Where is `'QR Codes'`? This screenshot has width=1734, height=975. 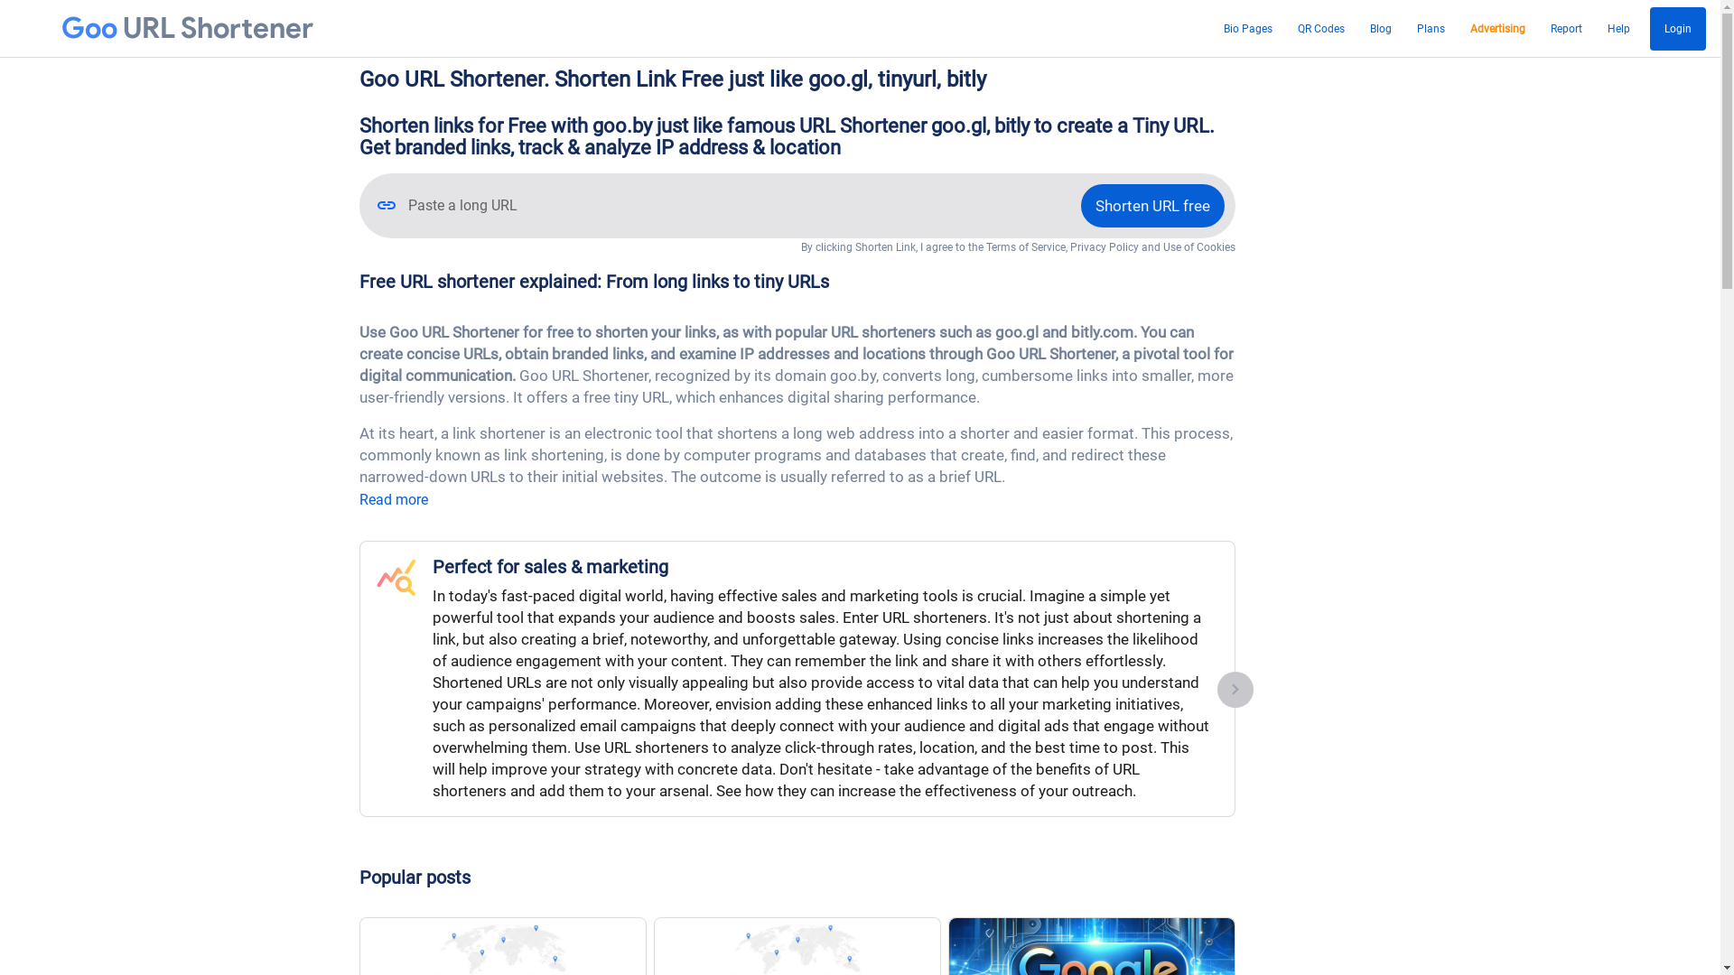
'QR Codes' is located at coordinates (1321, 28).